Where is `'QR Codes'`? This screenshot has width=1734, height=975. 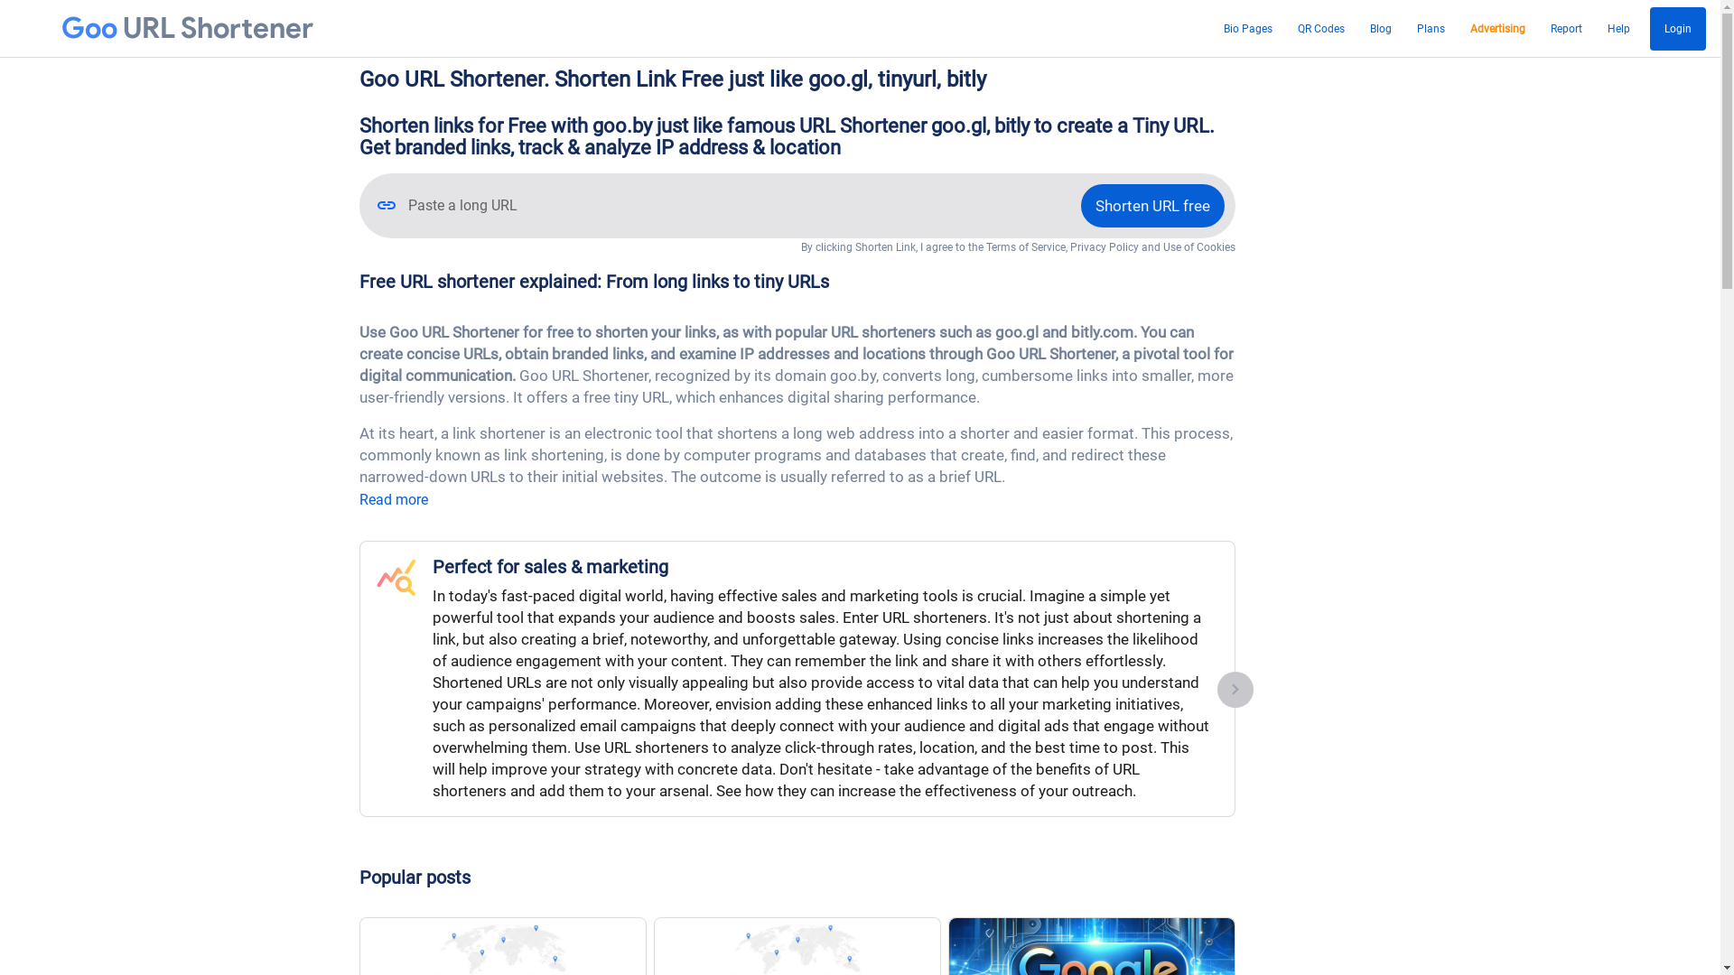
'QR Codes' is located at coordinates (1321, 28).